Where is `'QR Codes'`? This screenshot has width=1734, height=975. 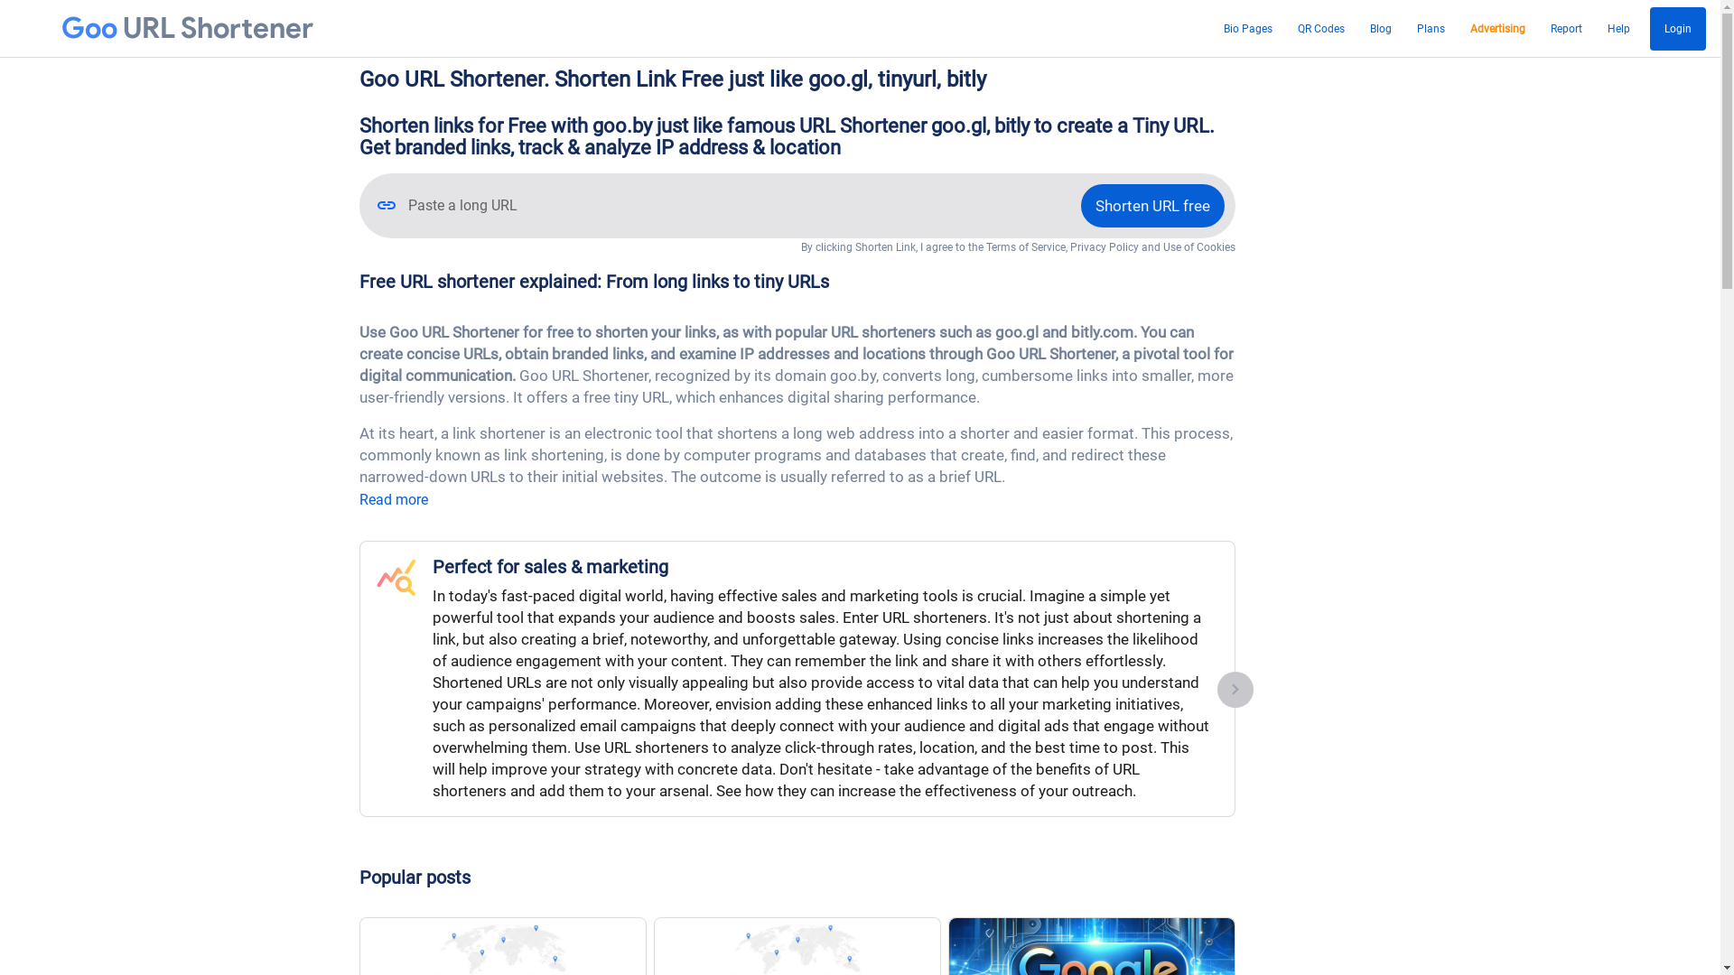
'QR Codes' is located at coordinates (1321, 28).